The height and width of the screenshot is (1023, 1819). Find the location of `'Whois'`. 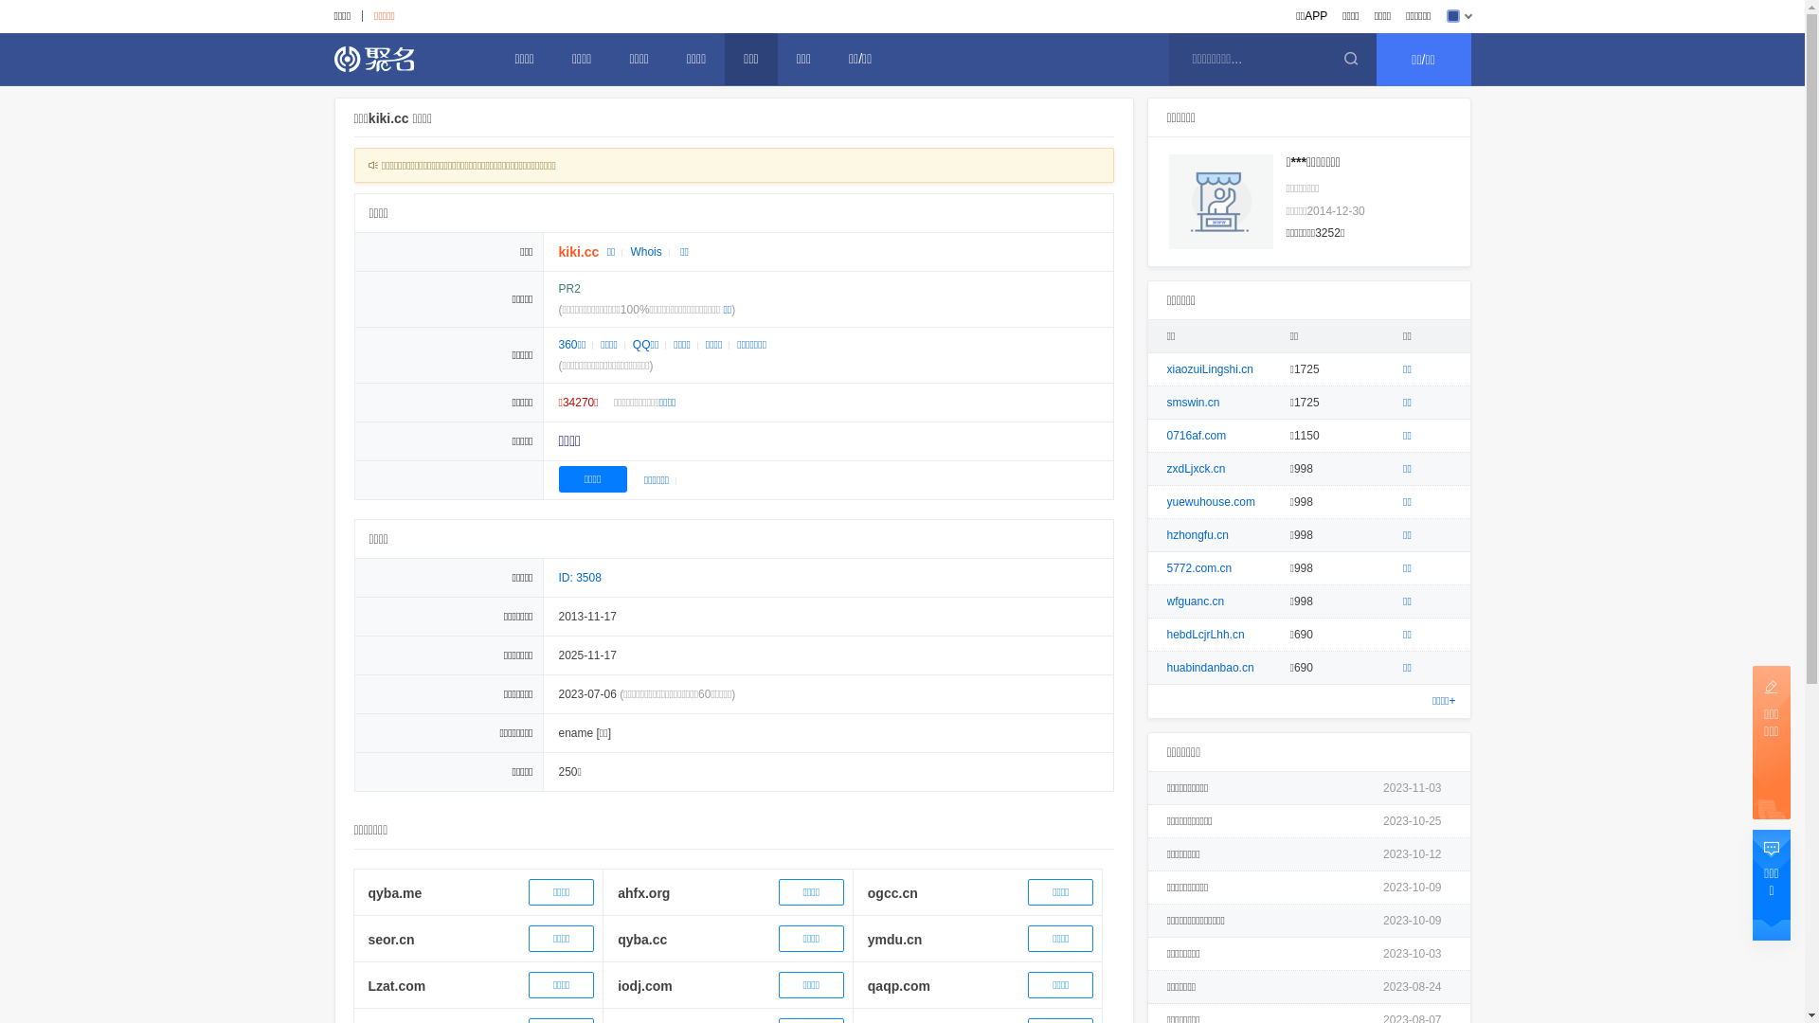

'Whois' is located at coordinates (645, 251).